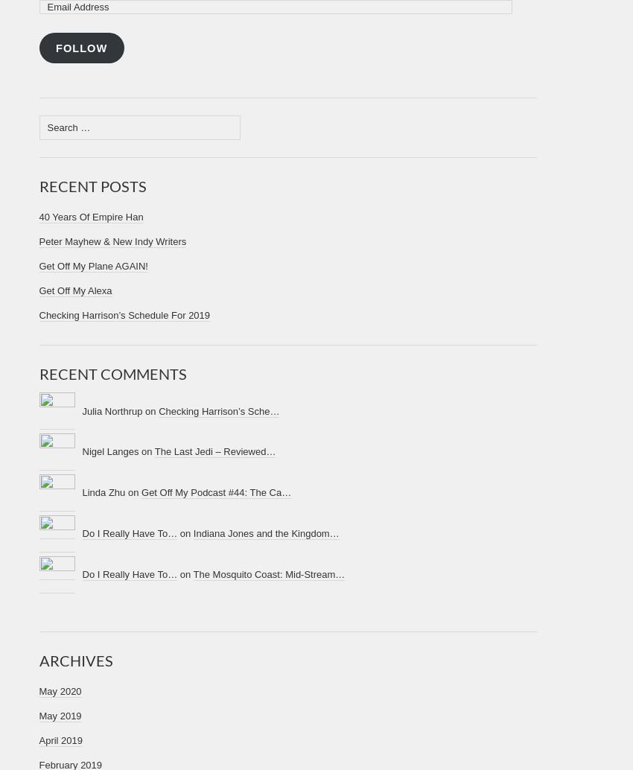 Image resolution: width=633 pixels, height=770 pixels. I want to click on 'April 2019', so click(39, 739).